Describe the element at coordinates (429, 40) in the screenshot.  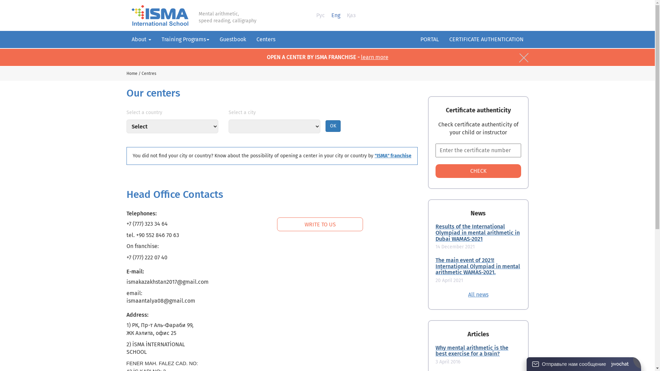
I see `'PORTAL'` at that location.